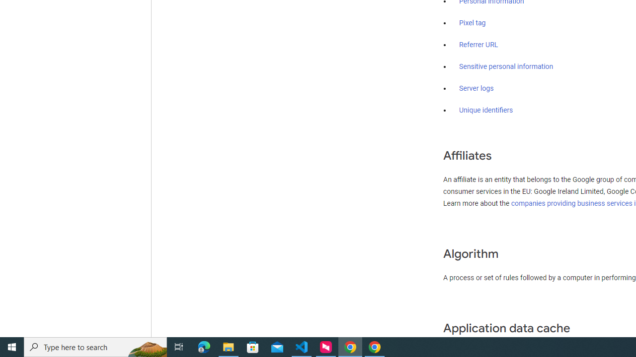 The width and height of the screenshot is (636, 357). I want to click on 'Pixel tag', so click(472, 23).